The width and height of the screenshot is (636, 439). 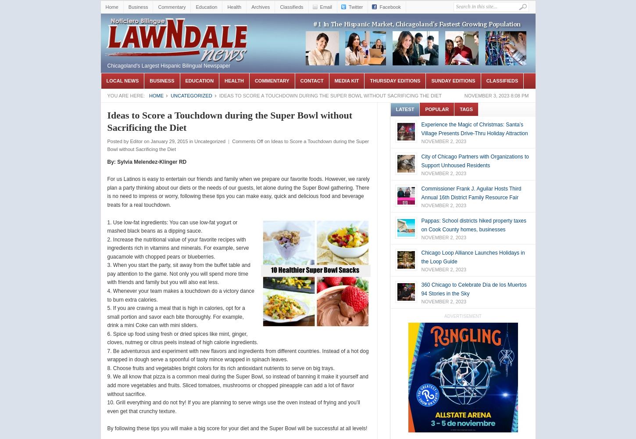 I want to click on 'Home', so click(x=156, y=95).